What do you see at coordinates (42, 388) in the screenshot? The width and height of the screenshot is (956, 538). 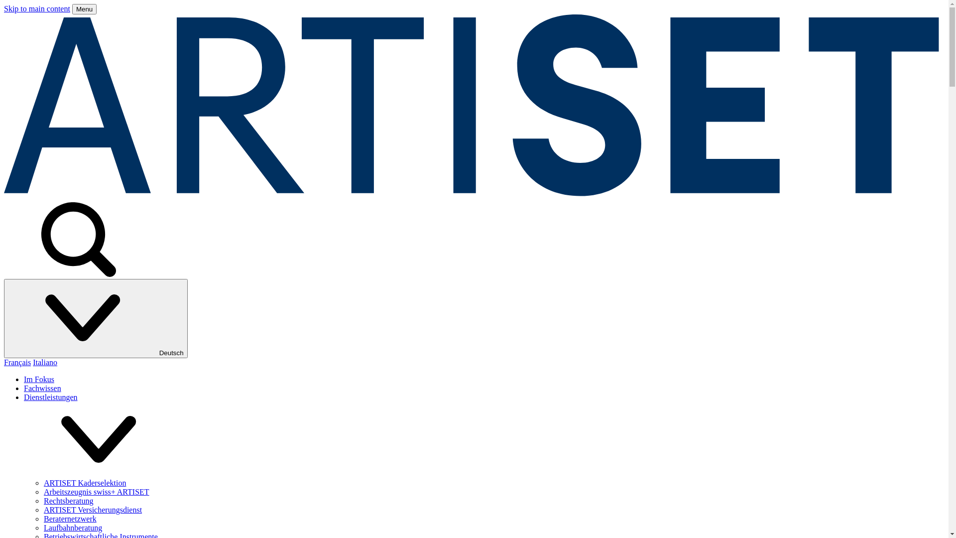 I see `'Fachwissen'` at bounding box center [42, 388].